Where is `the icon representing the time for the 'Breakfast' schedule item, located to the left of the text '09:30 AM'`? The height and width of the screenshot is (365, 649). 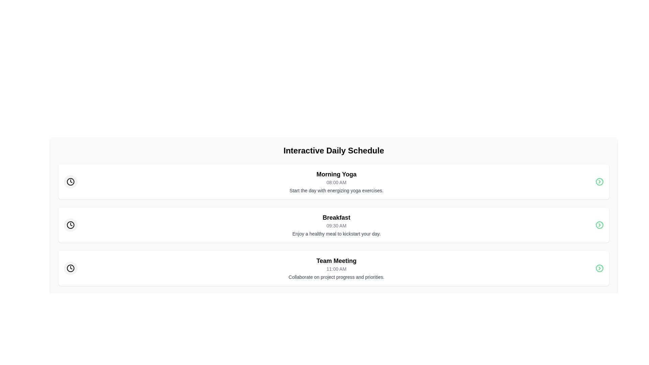
the icon representing the time for the 'Breakfast' schedule item, located to the left of the text '09:30 AM' is located at coordinates (71, 225).